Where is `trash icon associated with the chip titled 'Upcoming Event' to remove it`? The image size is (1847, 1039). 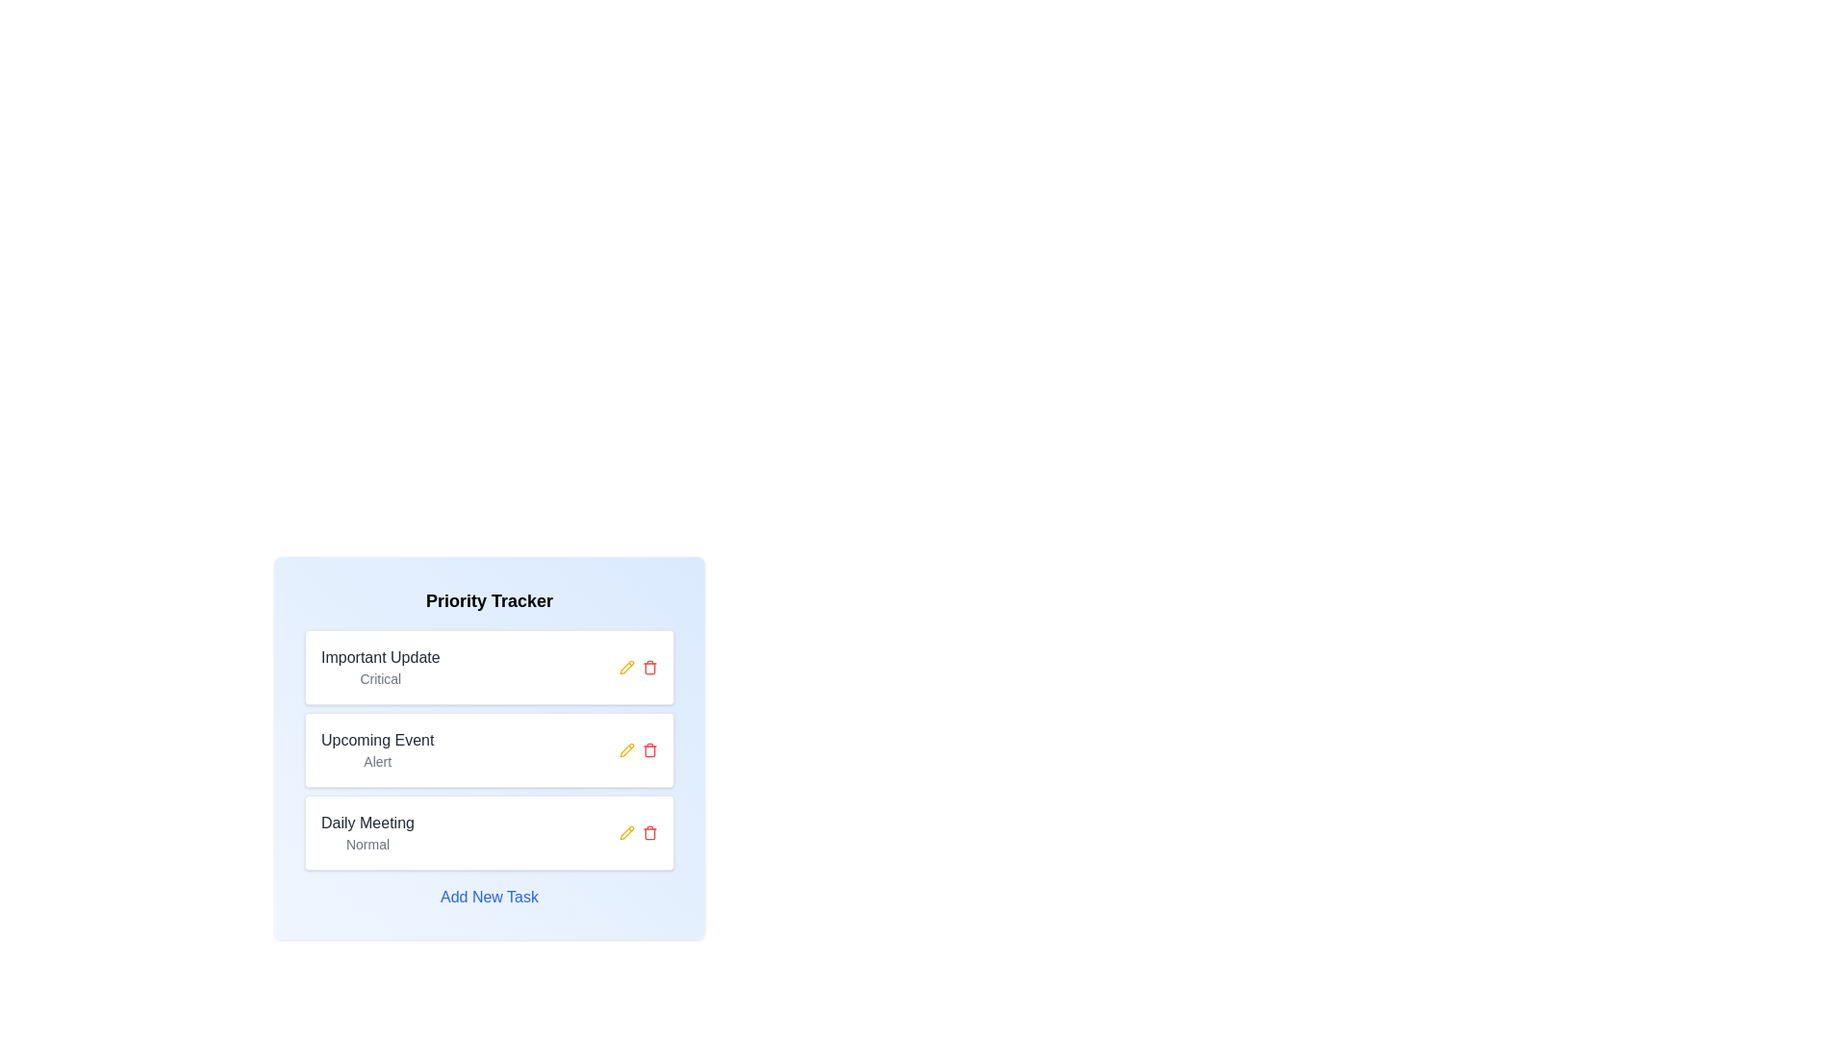 trash icon associated with the chip titled 'Upcoming Event' to remove it is located at coordinates (650, 748).